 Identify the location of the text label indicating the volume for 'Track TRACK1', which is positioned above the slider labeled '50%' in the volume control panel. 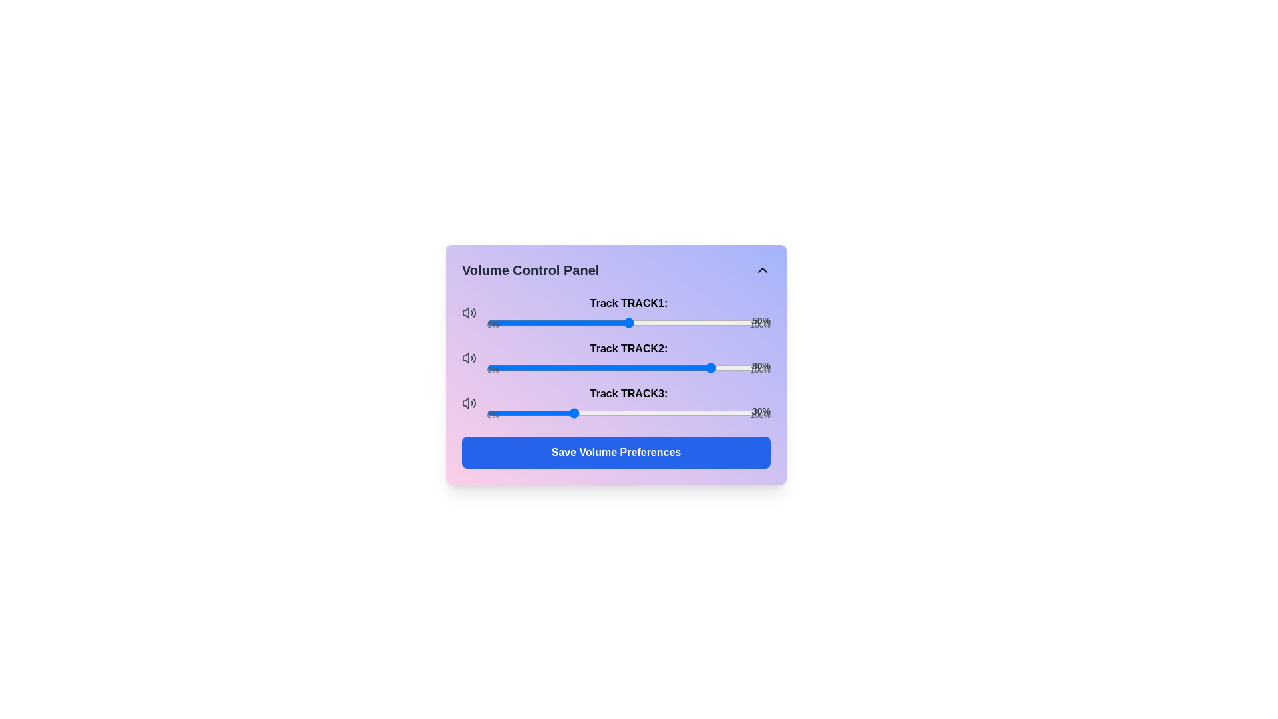
(628, 303).